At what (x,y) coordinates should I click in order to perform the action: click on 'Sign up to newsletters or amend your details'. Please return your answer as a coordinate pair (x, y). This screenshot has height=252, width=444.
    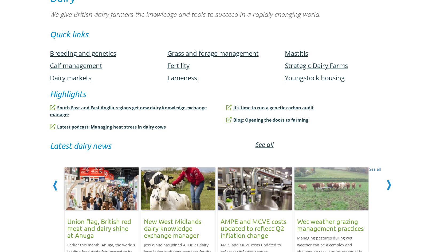
    Looking at the image, I should click on (222, 45).